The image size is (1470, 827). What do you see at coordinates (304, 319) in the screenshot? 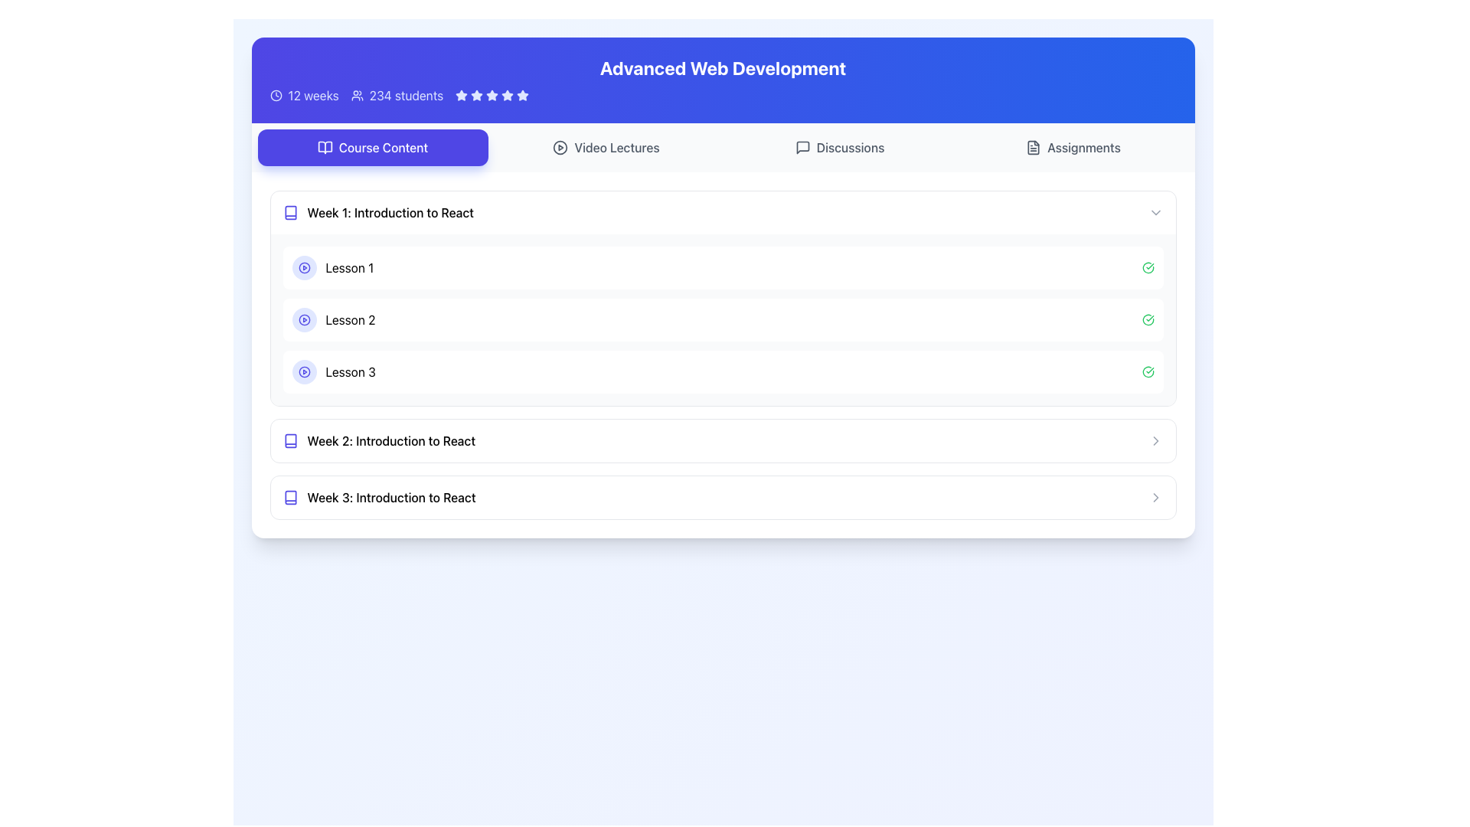
I see `the Icon with play button symbol that indicates the lesson associated with 'Lesson 2'` at bounding box center [304, 319].